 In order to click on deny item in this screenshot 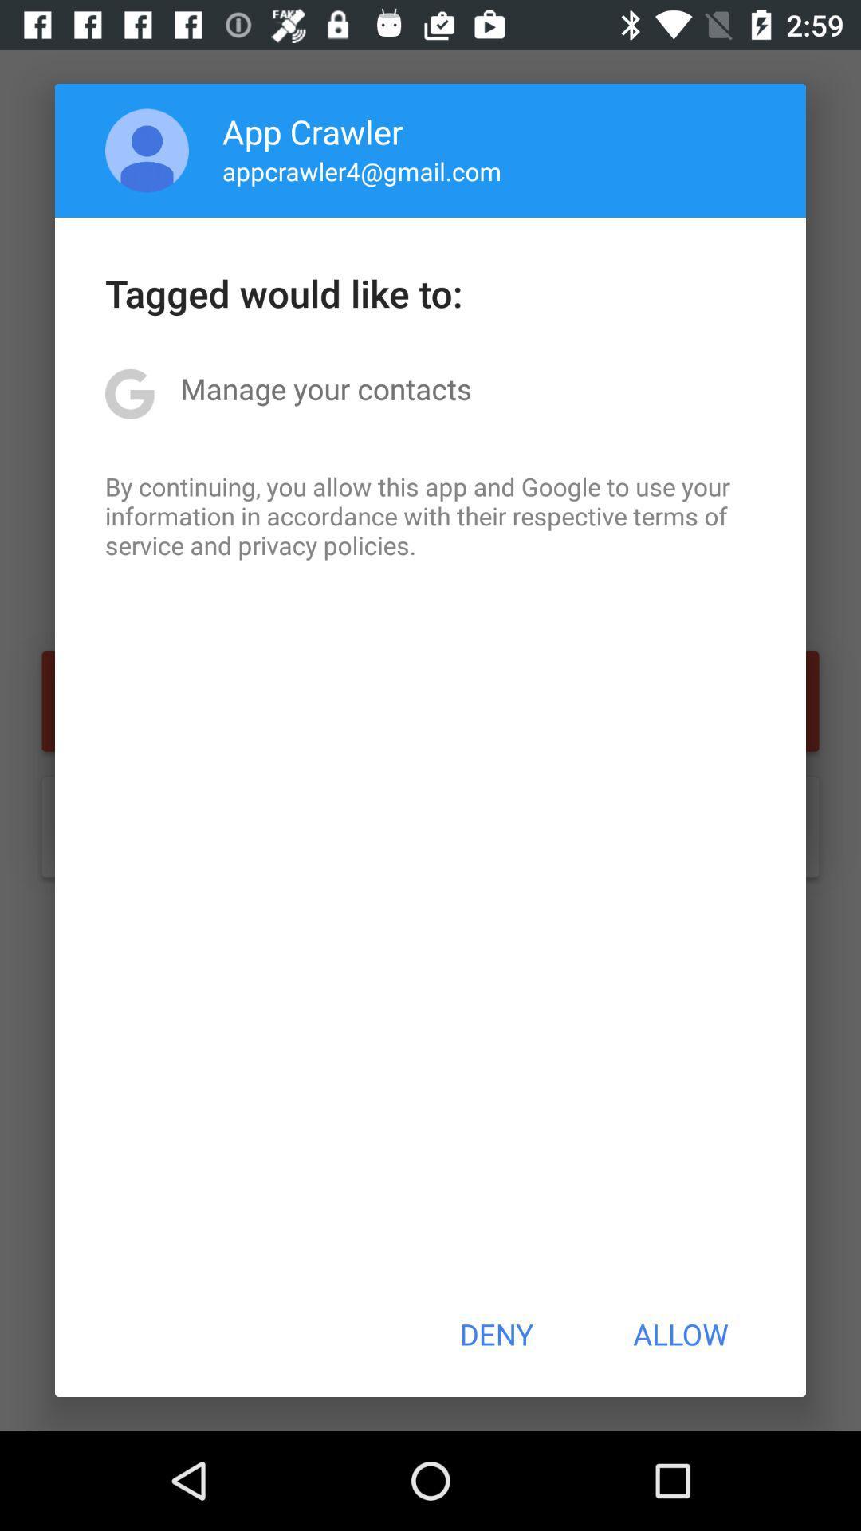, I will do `click(495, 1334)`.